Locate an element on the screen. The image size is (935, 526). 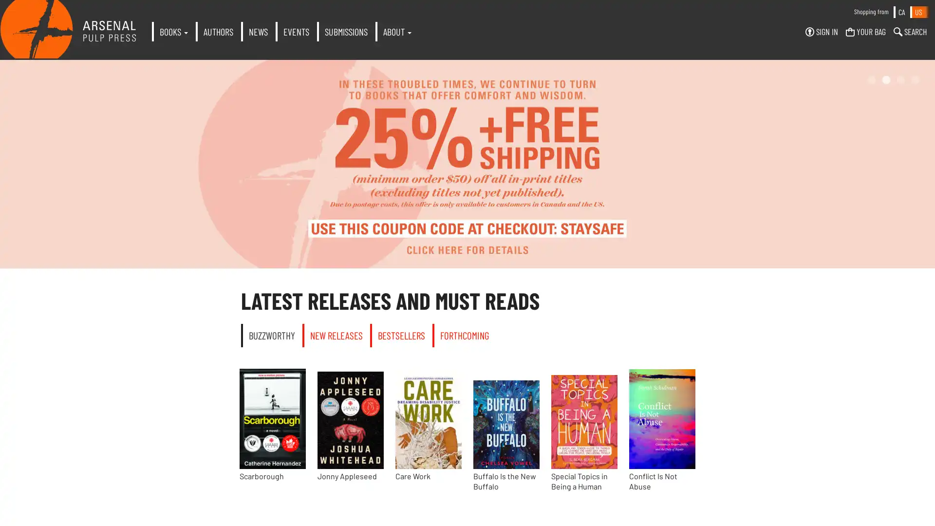
4 is located at coordinates (915, 80).